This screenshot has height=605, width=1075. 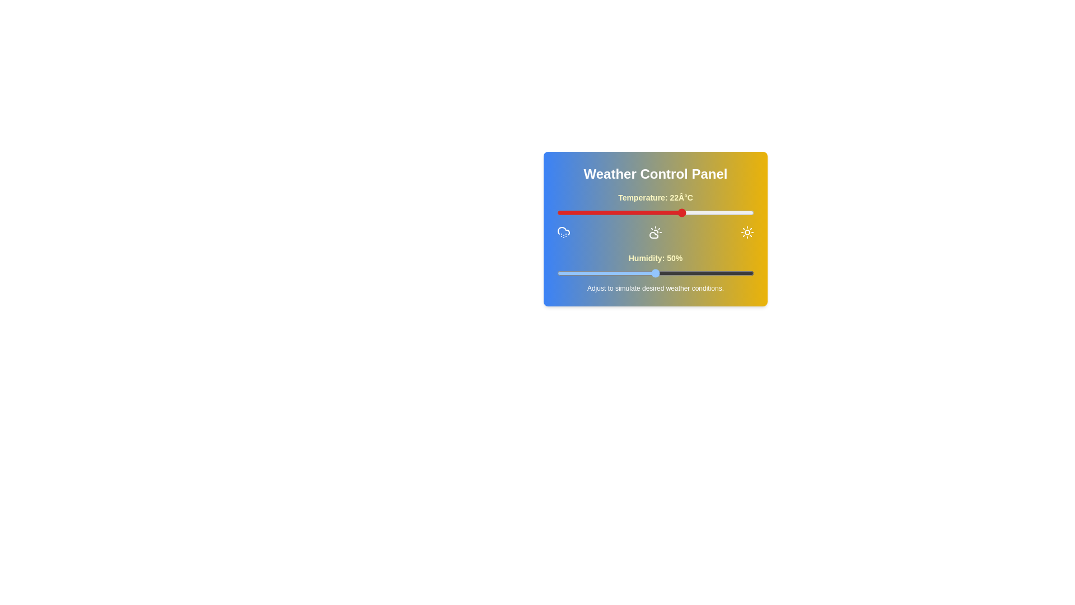 I want to click on humidity, so click(x=619, y=273).